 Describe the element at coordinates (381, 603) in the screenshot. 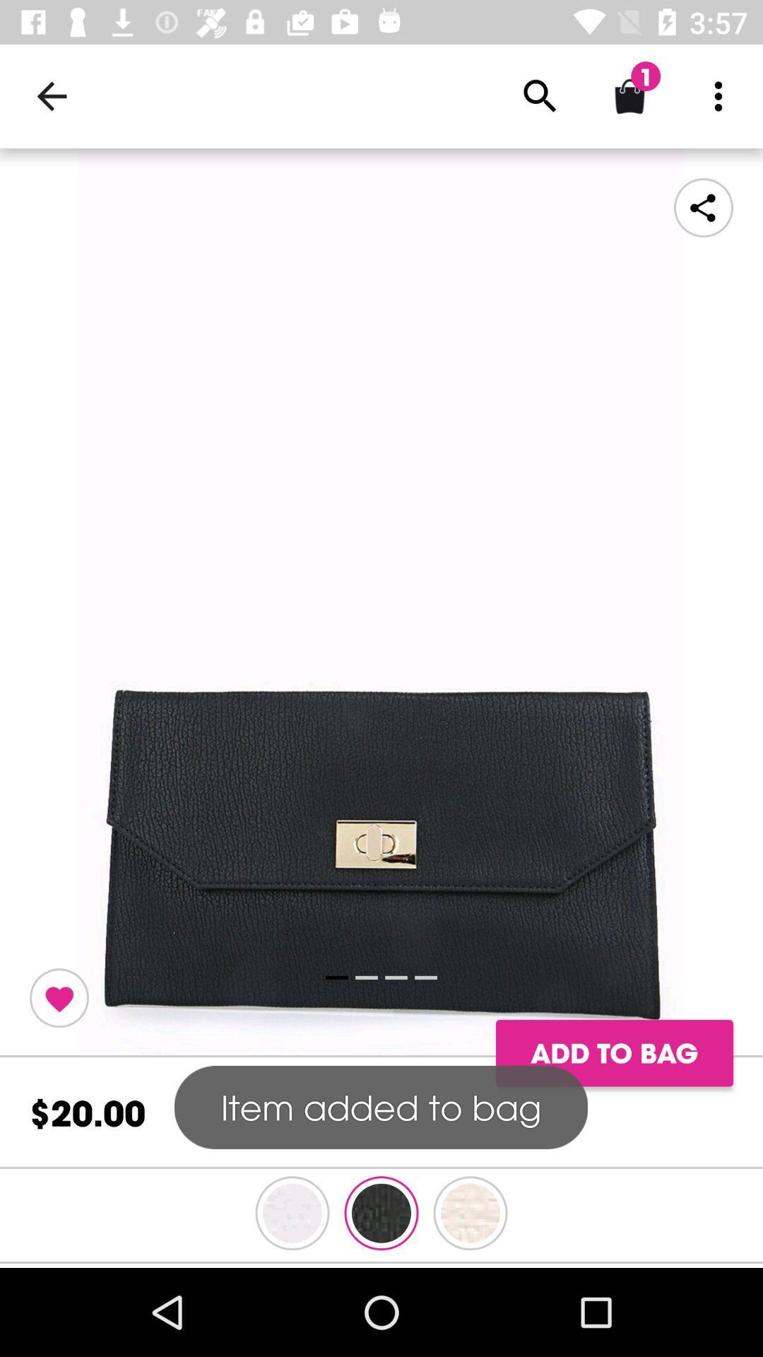

I see `screen botton` at that location.